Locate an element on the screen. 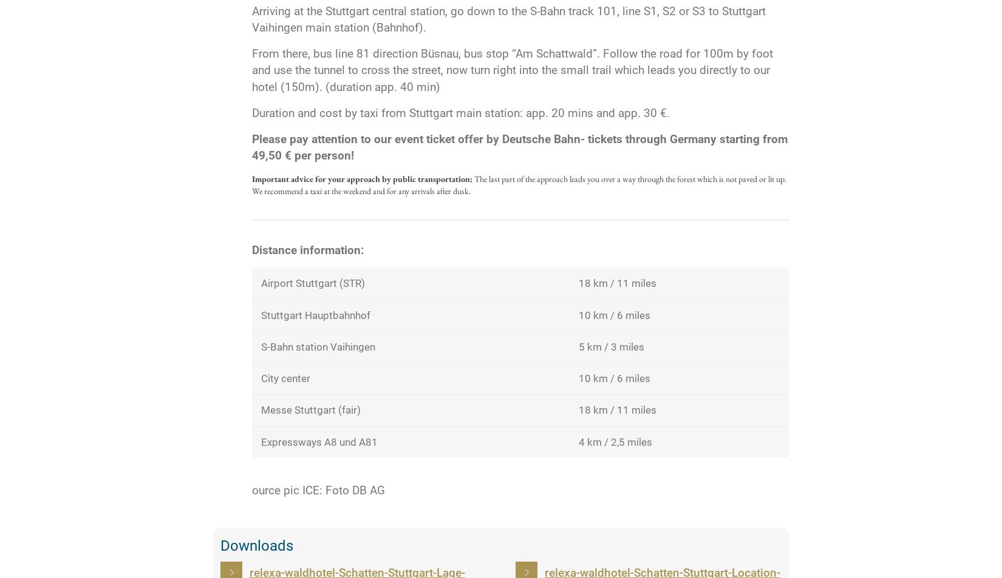  'Airport Stuttgart (STR)' is located at coordinates (313, 282).